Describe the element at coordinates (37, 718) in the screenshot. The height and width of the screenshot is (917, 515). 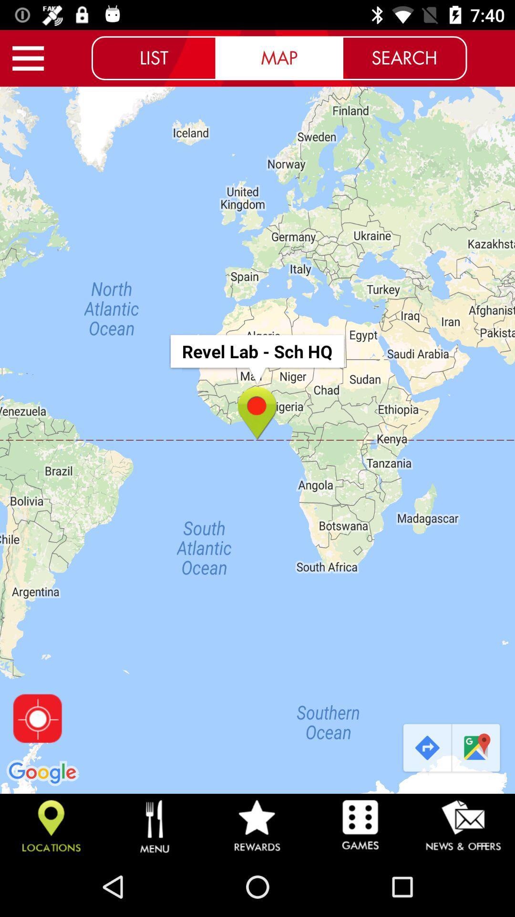
I see `enable gps location tracker` at that location.